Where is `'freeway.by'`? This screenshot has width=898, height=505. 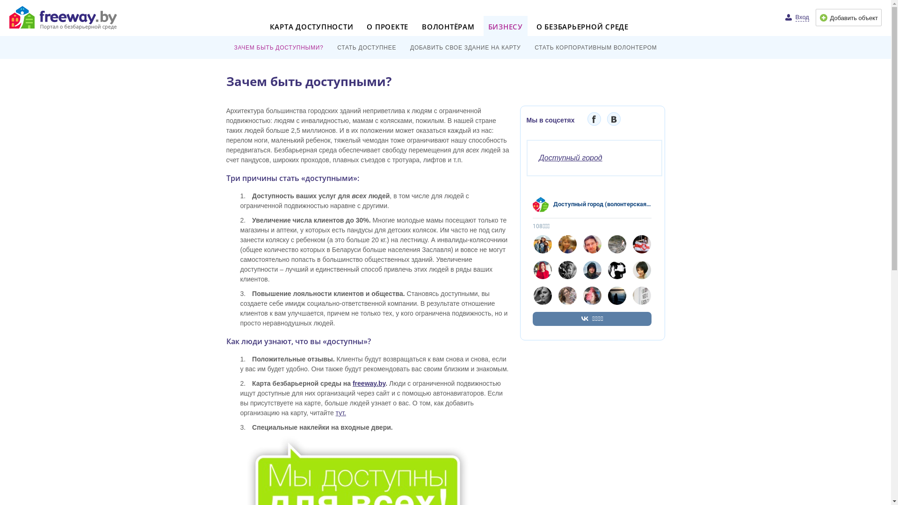
'freeway.by' is located at coordinates (368, 383).